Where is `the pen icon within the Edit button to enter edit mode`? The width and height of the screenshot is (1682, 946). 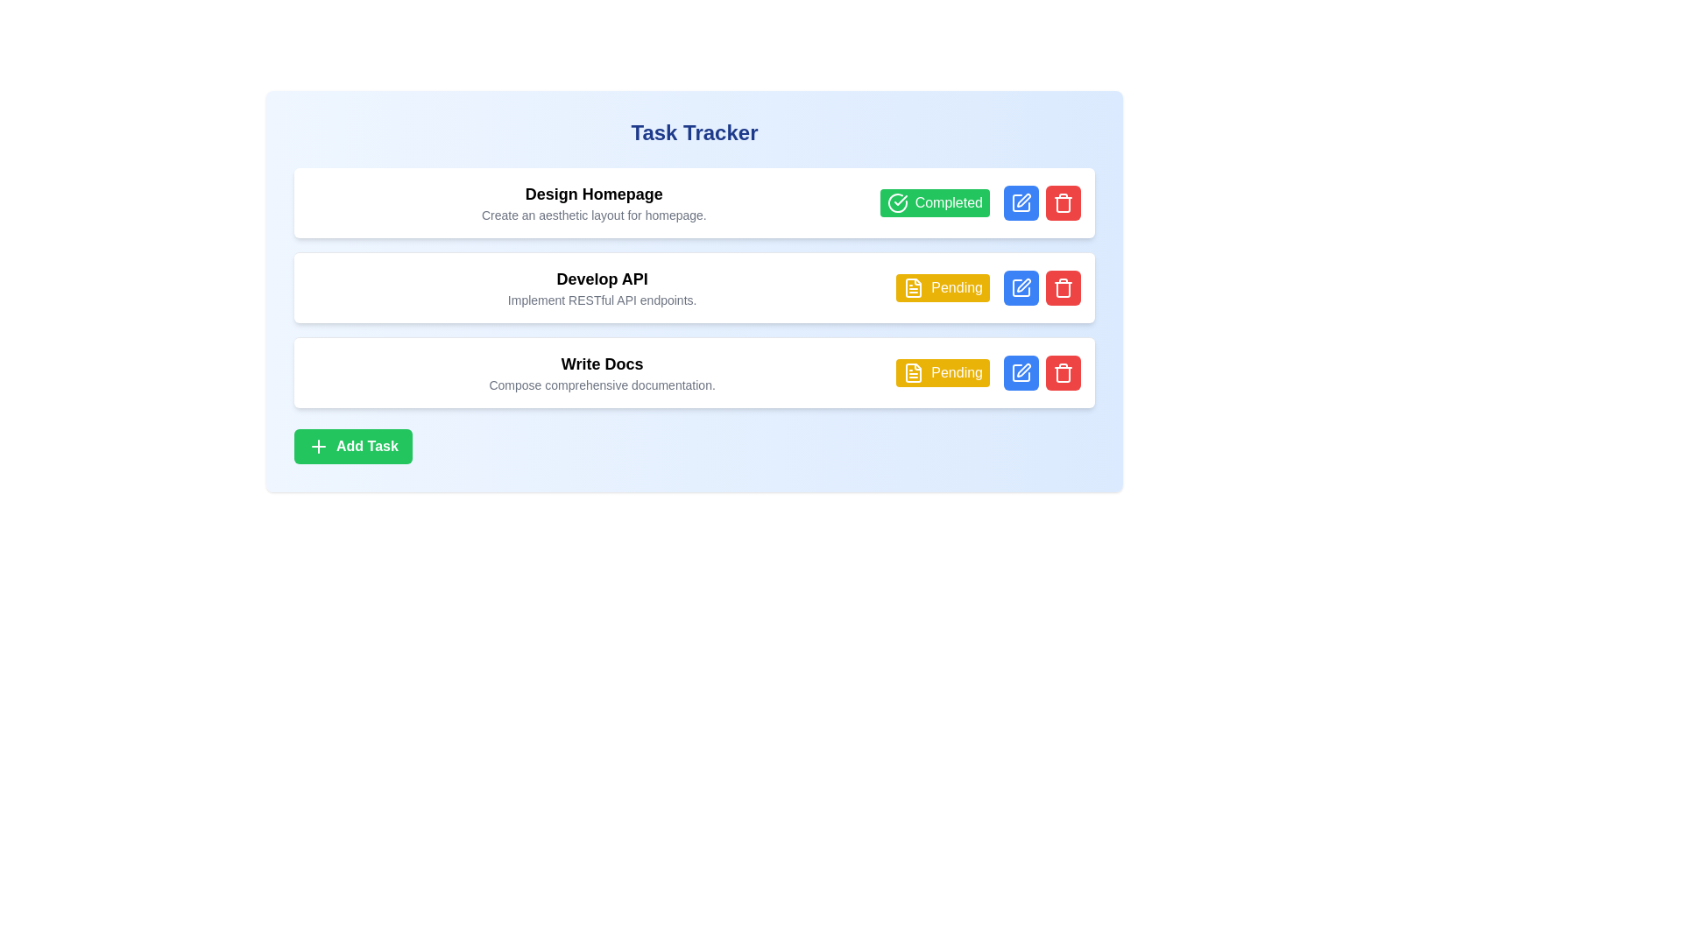 the pen icon within the Edit button to enter edit mode is located at coordinates (1021, 201).